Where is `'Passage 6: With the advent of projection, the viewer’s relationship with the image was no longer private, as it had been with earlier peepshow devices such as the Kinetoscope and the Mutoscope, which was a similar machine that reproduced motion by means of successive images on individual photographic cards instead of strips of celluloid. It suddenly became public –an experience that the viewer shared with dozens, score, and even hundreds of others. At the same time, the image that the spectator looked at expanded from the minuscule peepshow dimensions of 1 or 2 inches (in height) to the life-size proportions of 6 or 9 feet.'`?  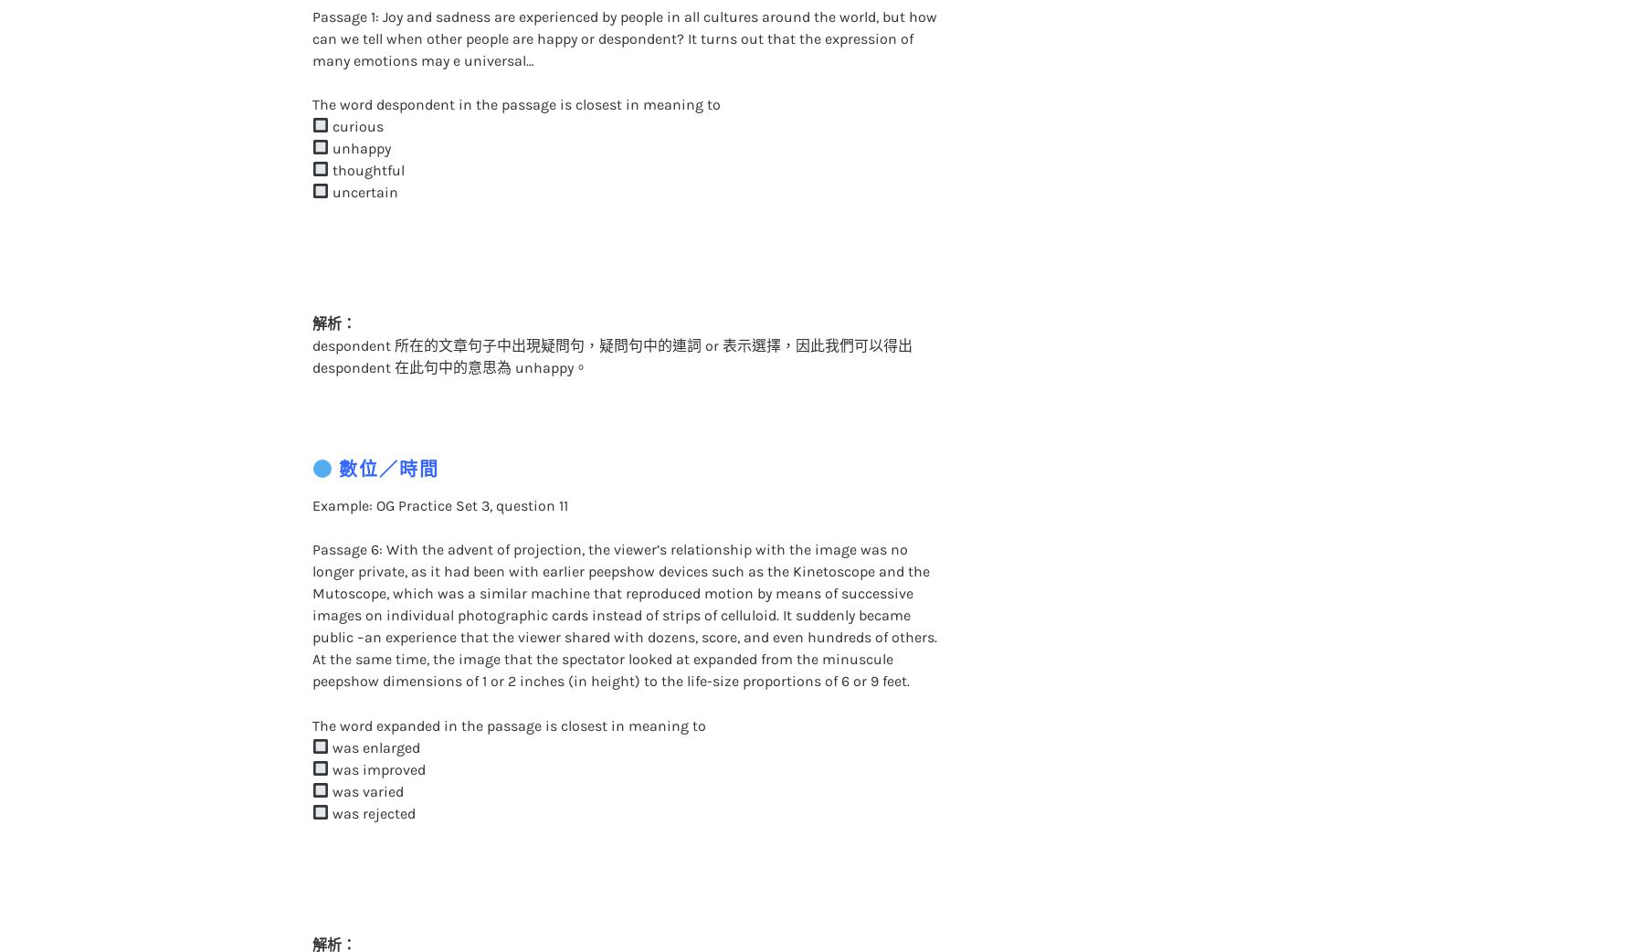
'Passage 6: With the advent of projection, the viewer’s relationship with the image was no longer private, as it had been with earlier peepshow devices such as the Kinetoscope and the Mutoscope, which was a similar machine that reproduced motion by means of successive images on individual photographic cards instead of strips of celluloid. It suddenly became public –an experience that the viewer shared with dozens, score, and even hundreds of others. At the same time, the image that the spectator looked at expanded from the minuscule peepshow dimensions of 1 or 2 inches (in height) to the life-size proportions of 6 or 9 feet.' is located at coordinates (622, 577).